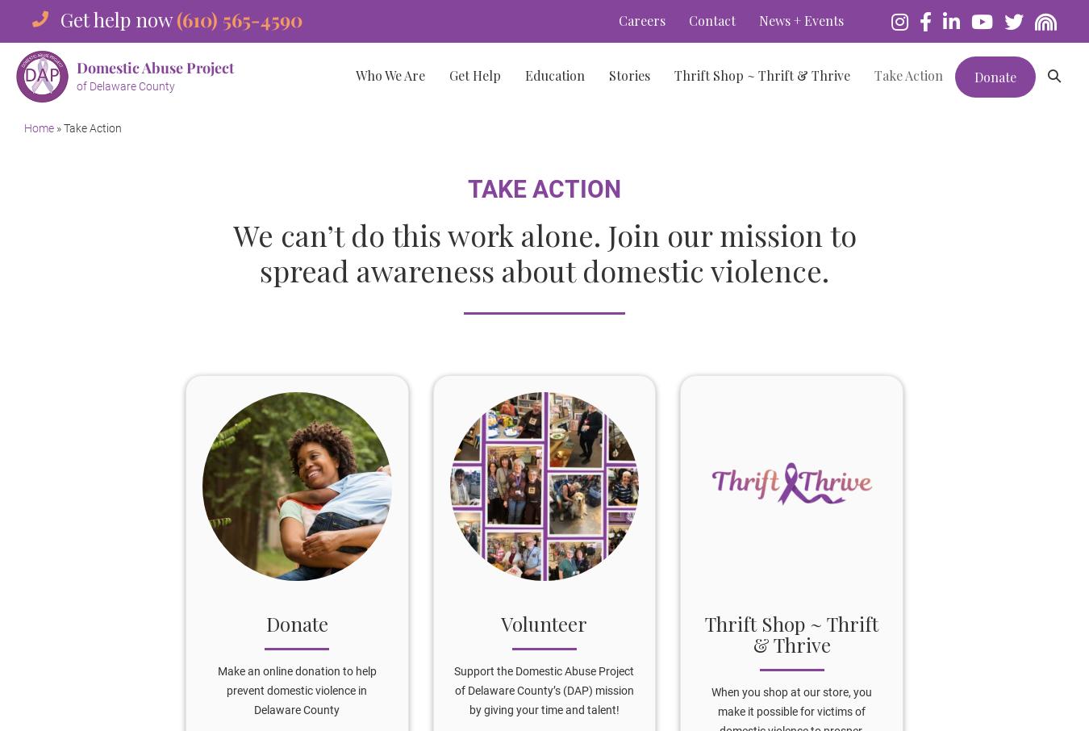  What do you see at coordinates (216, 689) in the screenshot?
I see `'Make an online donation to help prevent domestic violence in Delaware County'` at bounding box center [216, 689].